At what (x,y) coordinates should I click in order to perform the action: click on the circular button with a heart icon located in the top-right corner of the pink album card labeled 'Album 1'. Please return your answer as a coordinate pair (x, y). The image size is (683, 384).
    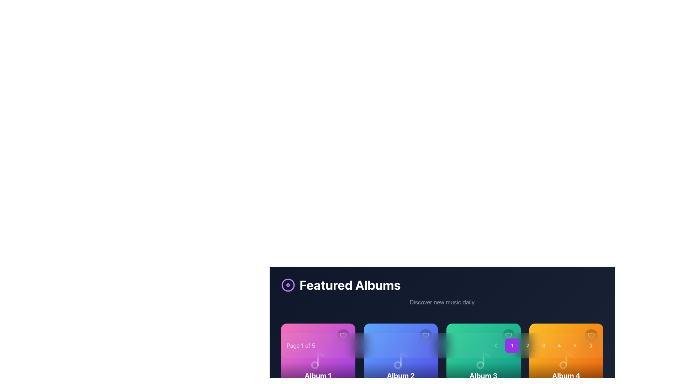
    Looking at the image, I should click on (343, 336).